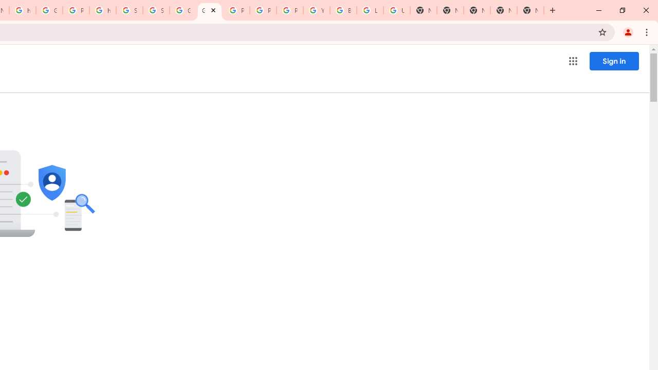 The height and width of the screenshot is (370, 658). What do you see at coordinates (316, 10) in the screenshot?
I see `'YouTube'` at bounding box center [316, 10].